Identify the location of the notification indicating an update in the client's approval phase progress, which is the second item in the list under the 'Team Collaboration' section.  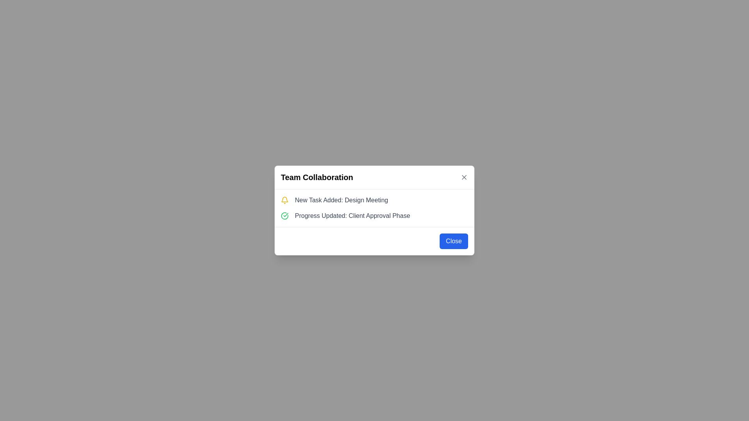
(374, 216).